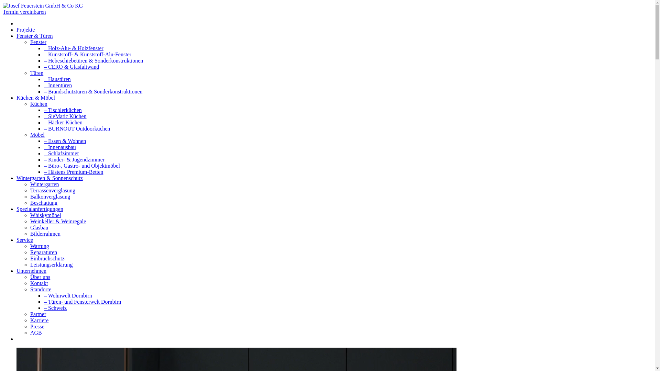 This screenshot has width=660, height=371. What do you see at coordinates (37, 326) in the screenshot?
I see `'Presse'` at bounding box center [37, 326].